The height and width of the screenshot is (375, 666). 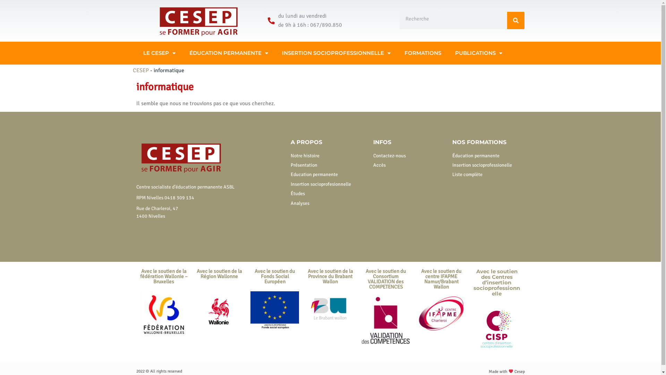 I want to click on 'CESEP', so click(x=140, y=70).